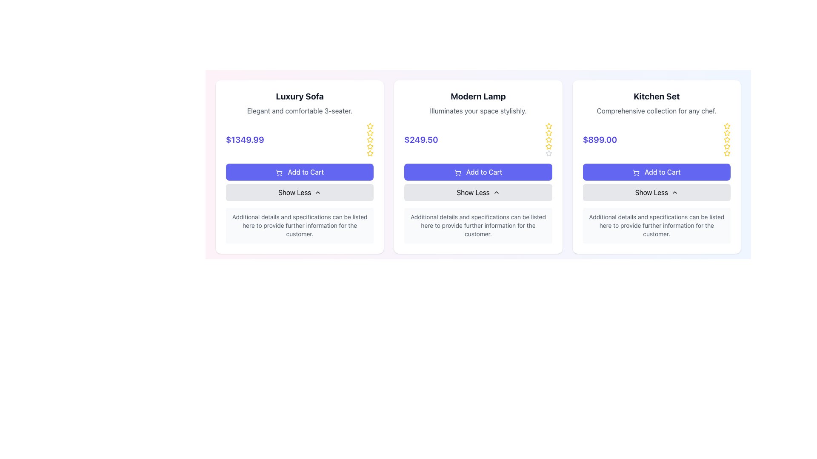 Image resolution: width=817 pixels, height=459 pixels. What do you see at coordinates (300, 225) in the screenshot?
I see `text from the text area located at the bottom of the 'Luxury Sofa' product card, just below the 'Show Less' button` at bounding box center [300, 225].